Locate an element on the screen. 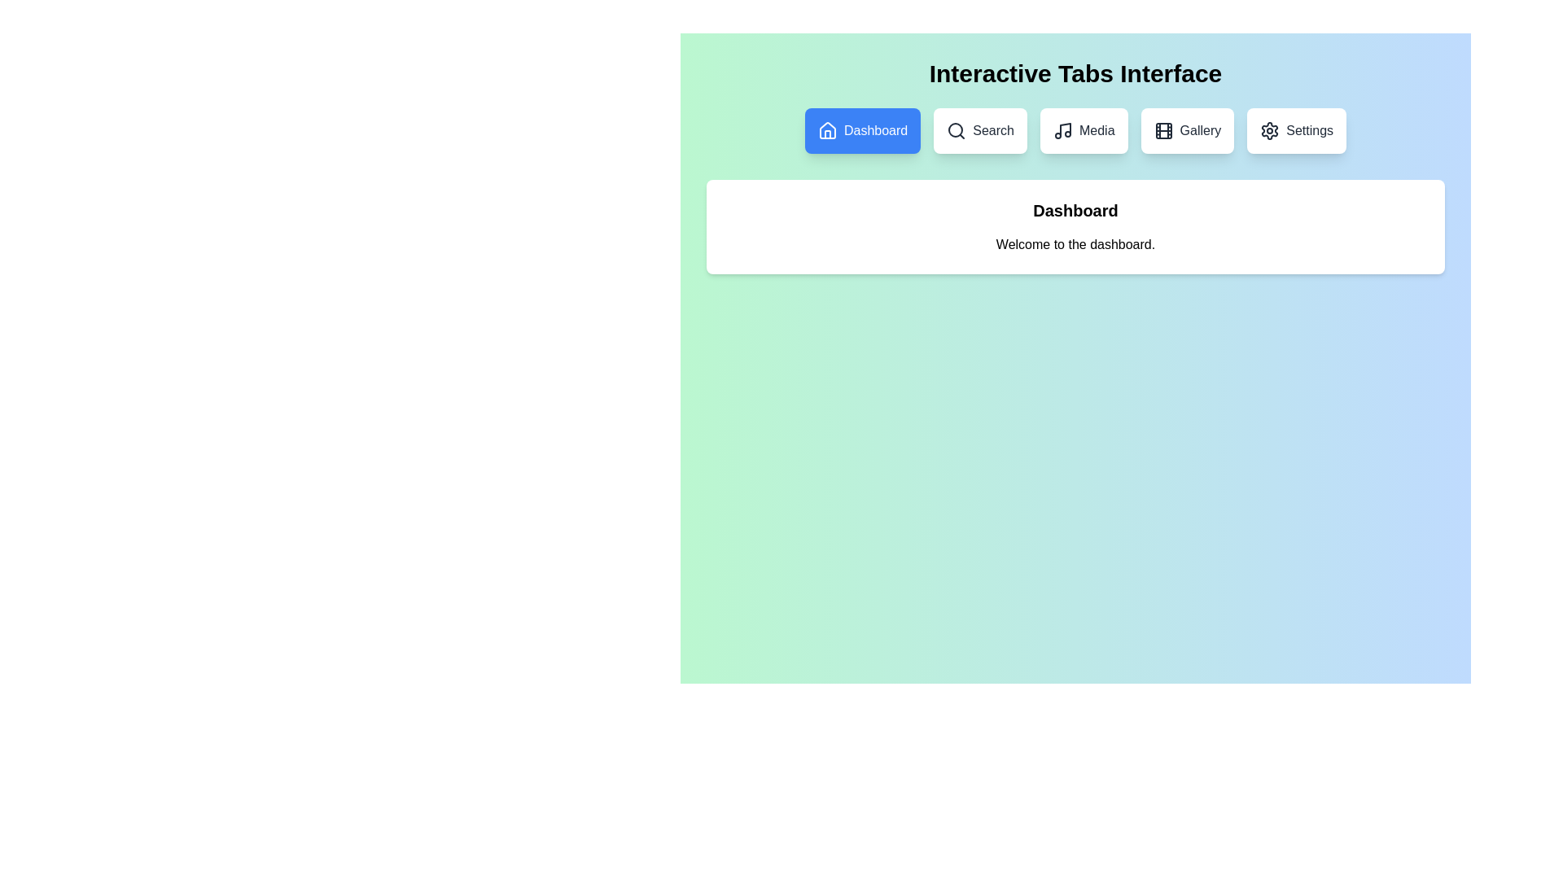  the 'Settings' button, which is a rectangular button with rounded corners featuring a gear icon and black text on a white background, located to the right of the 'Gallery' button is located at coordinates (1296, 130).